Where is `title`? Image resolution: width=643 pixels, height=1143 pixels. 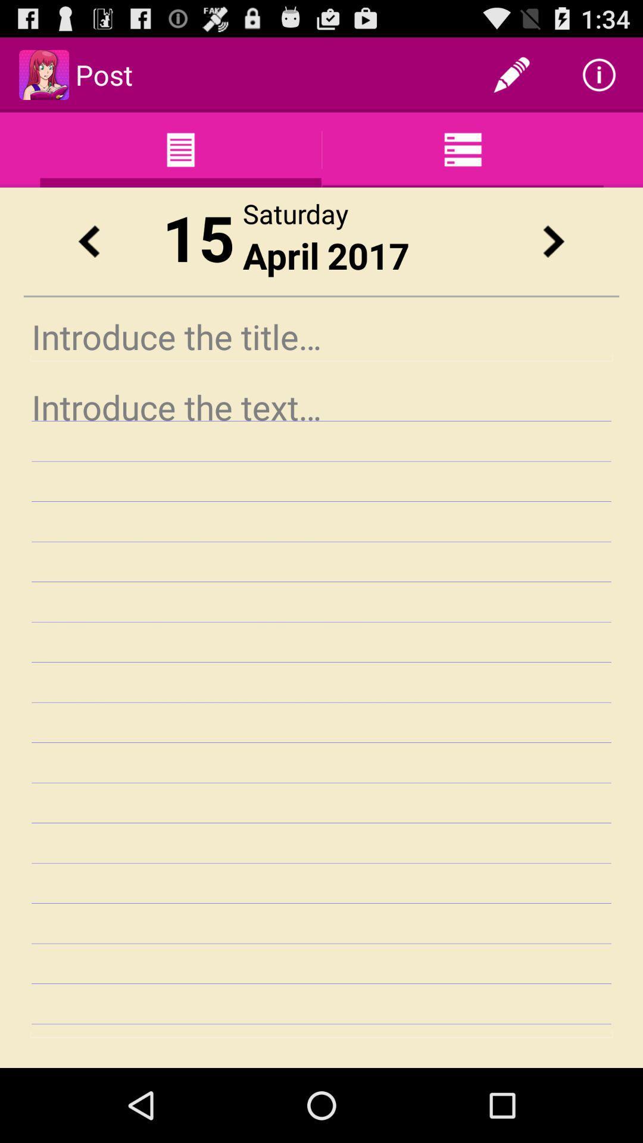
title is located at coordinates (321, 336).